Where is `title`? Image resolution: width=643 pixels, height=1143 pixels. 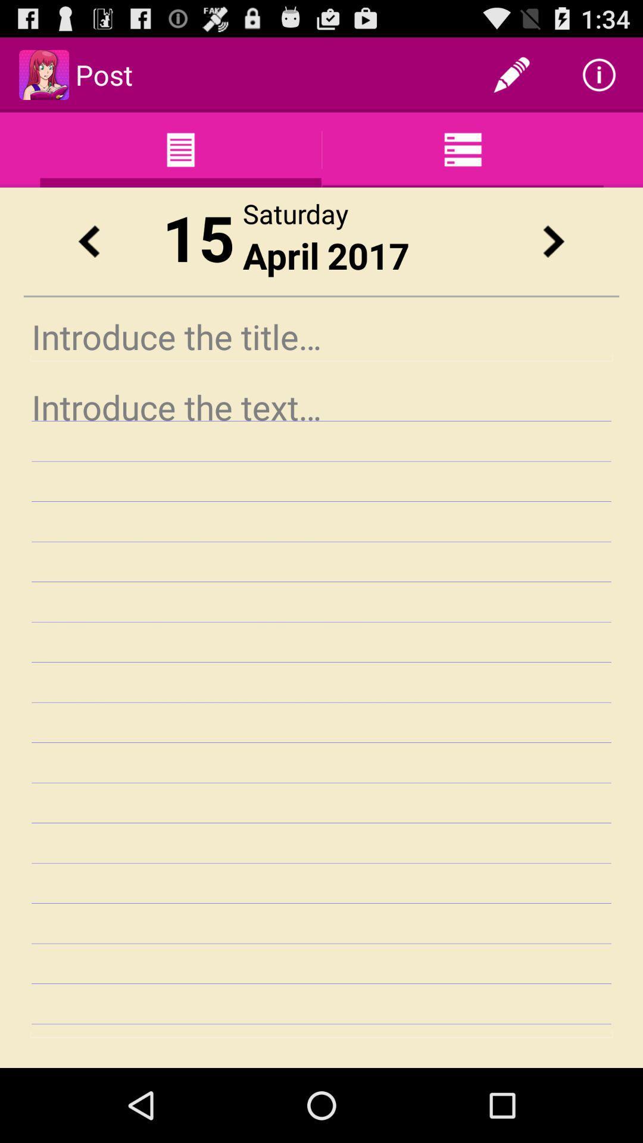
title is located at coordinates (321, 336).